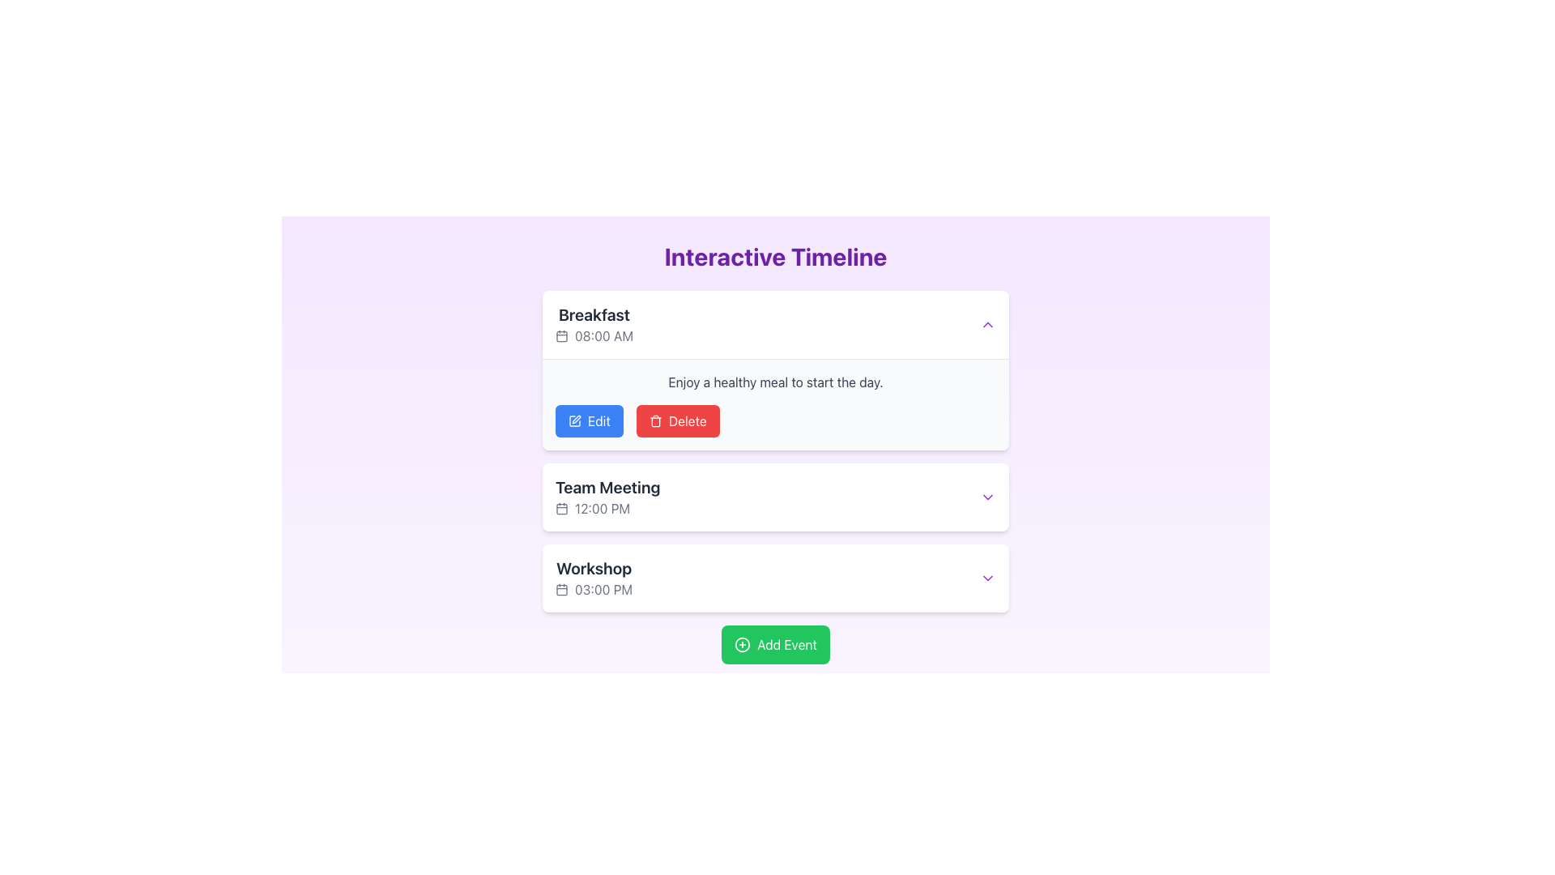  Describe the element at coordinates (593, 577) in the screenshot. I see `the scheduled event list item titled 'Workshop' at 03:00 PM, which is the third item in a vertical list of events` at that location.